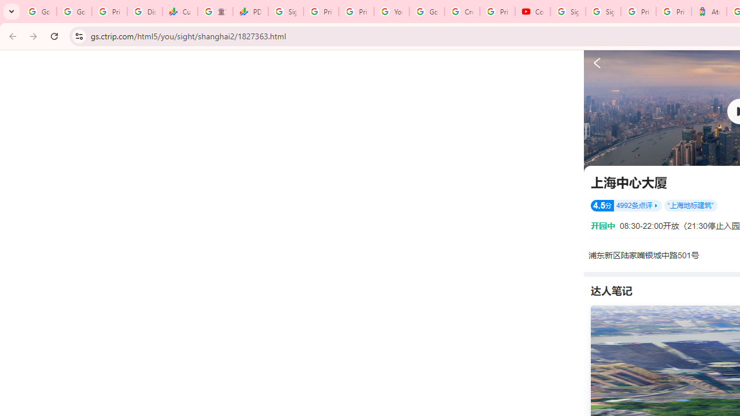 The width and height of the screenshot is (740, 416). What do you see at coordinates (461, 12) in the screenshot?
I see `'Create your Google Account'` at bounding box center [461, 12].